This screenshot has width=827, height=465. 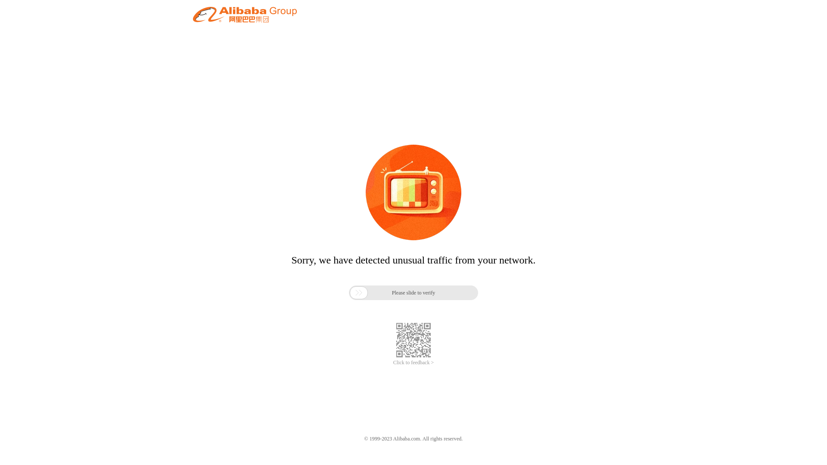 What do you see at coordinates (413, 363) in the screenshot?
I see `'Click to feedback >'` at bounding box center [413, 363].